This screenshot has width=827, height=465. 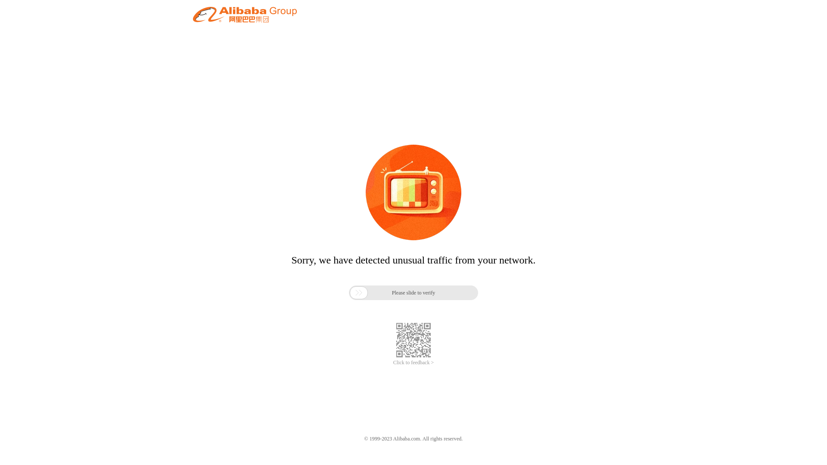 What do you see at coordinates (413, 363) in the screenshot?
I see `'Click to feedback >'` at bounding box center [413, 363].